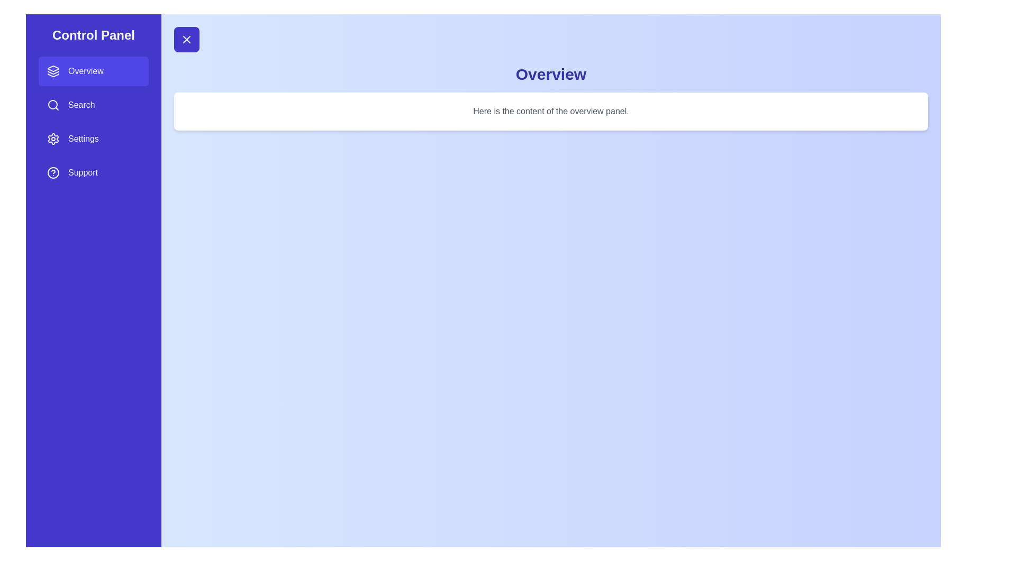  What do you see at coordinates (550, 112) in the screenshot?
I see `the content area of the panel` at bounding box center [550, 112].